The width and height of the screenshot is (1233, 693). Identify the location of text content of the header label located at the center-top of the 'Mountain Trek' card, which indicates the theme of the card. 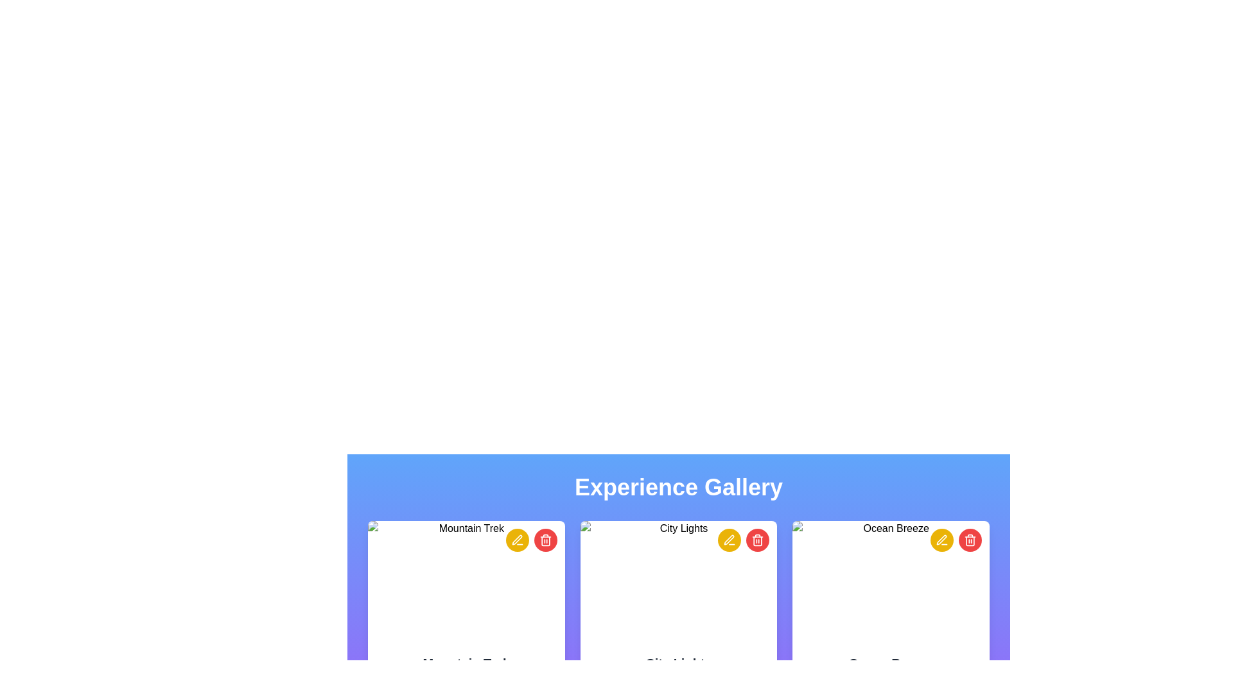
(466, 663).